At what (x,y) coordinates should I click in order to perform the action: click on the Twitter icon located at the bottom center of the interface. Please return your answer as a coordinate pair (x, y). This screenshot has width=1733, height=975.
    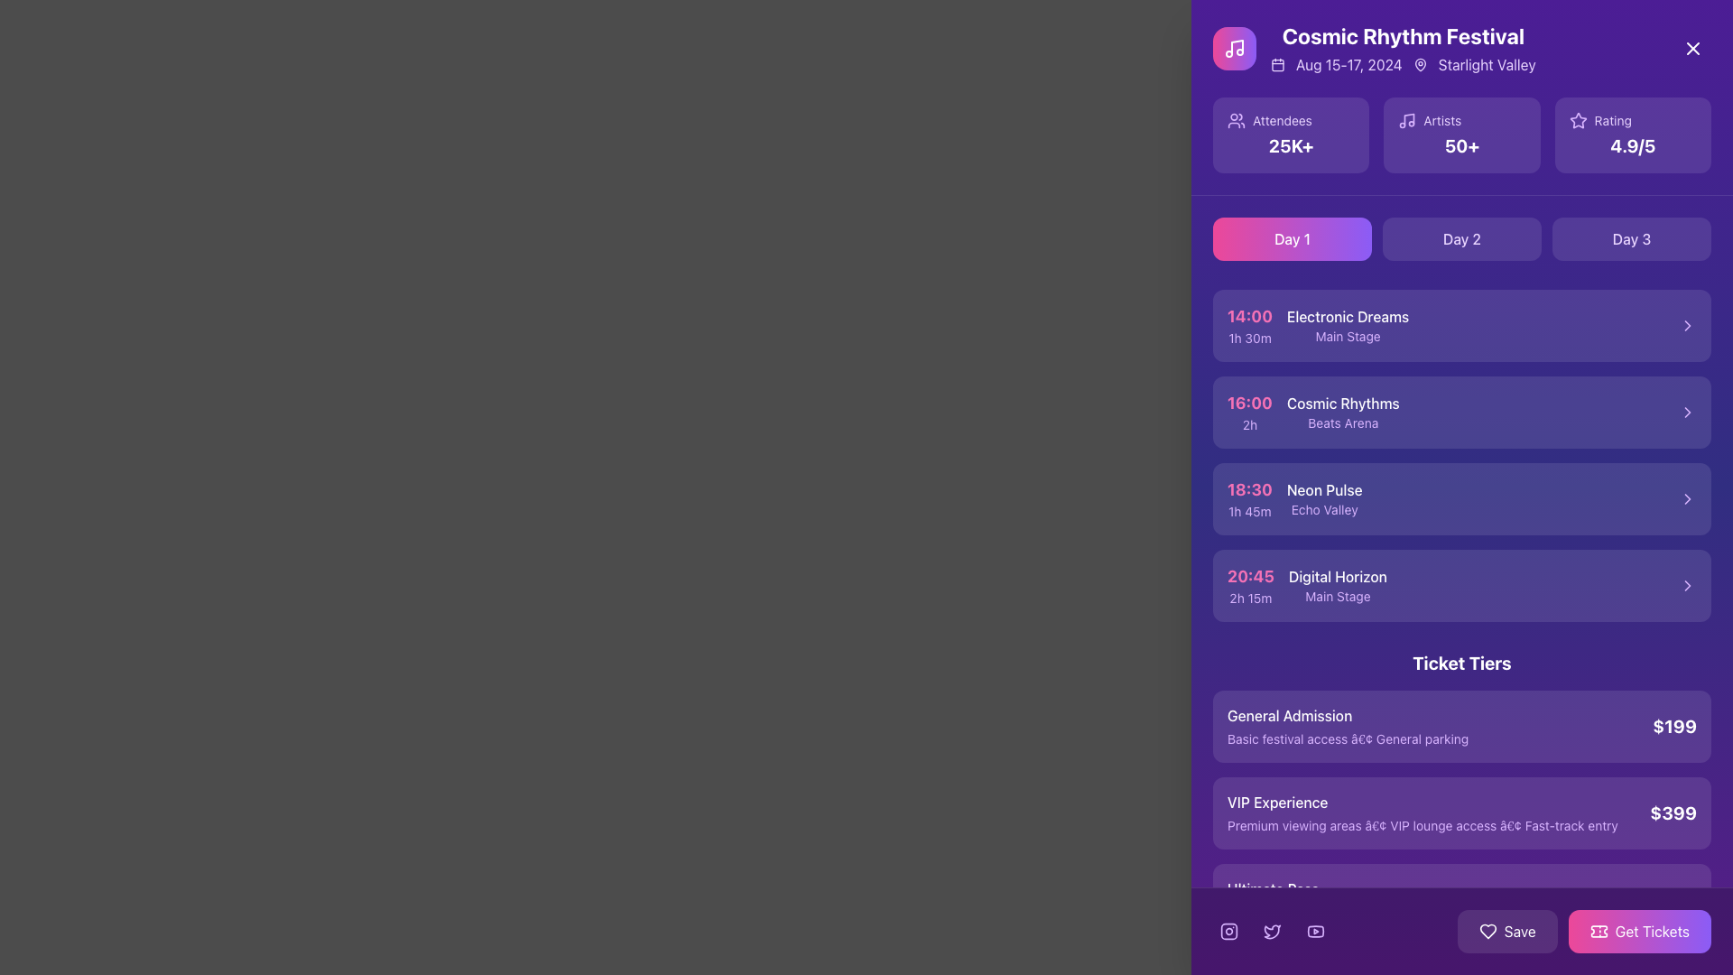
    Looking at the image, I should click on (1272, 932).